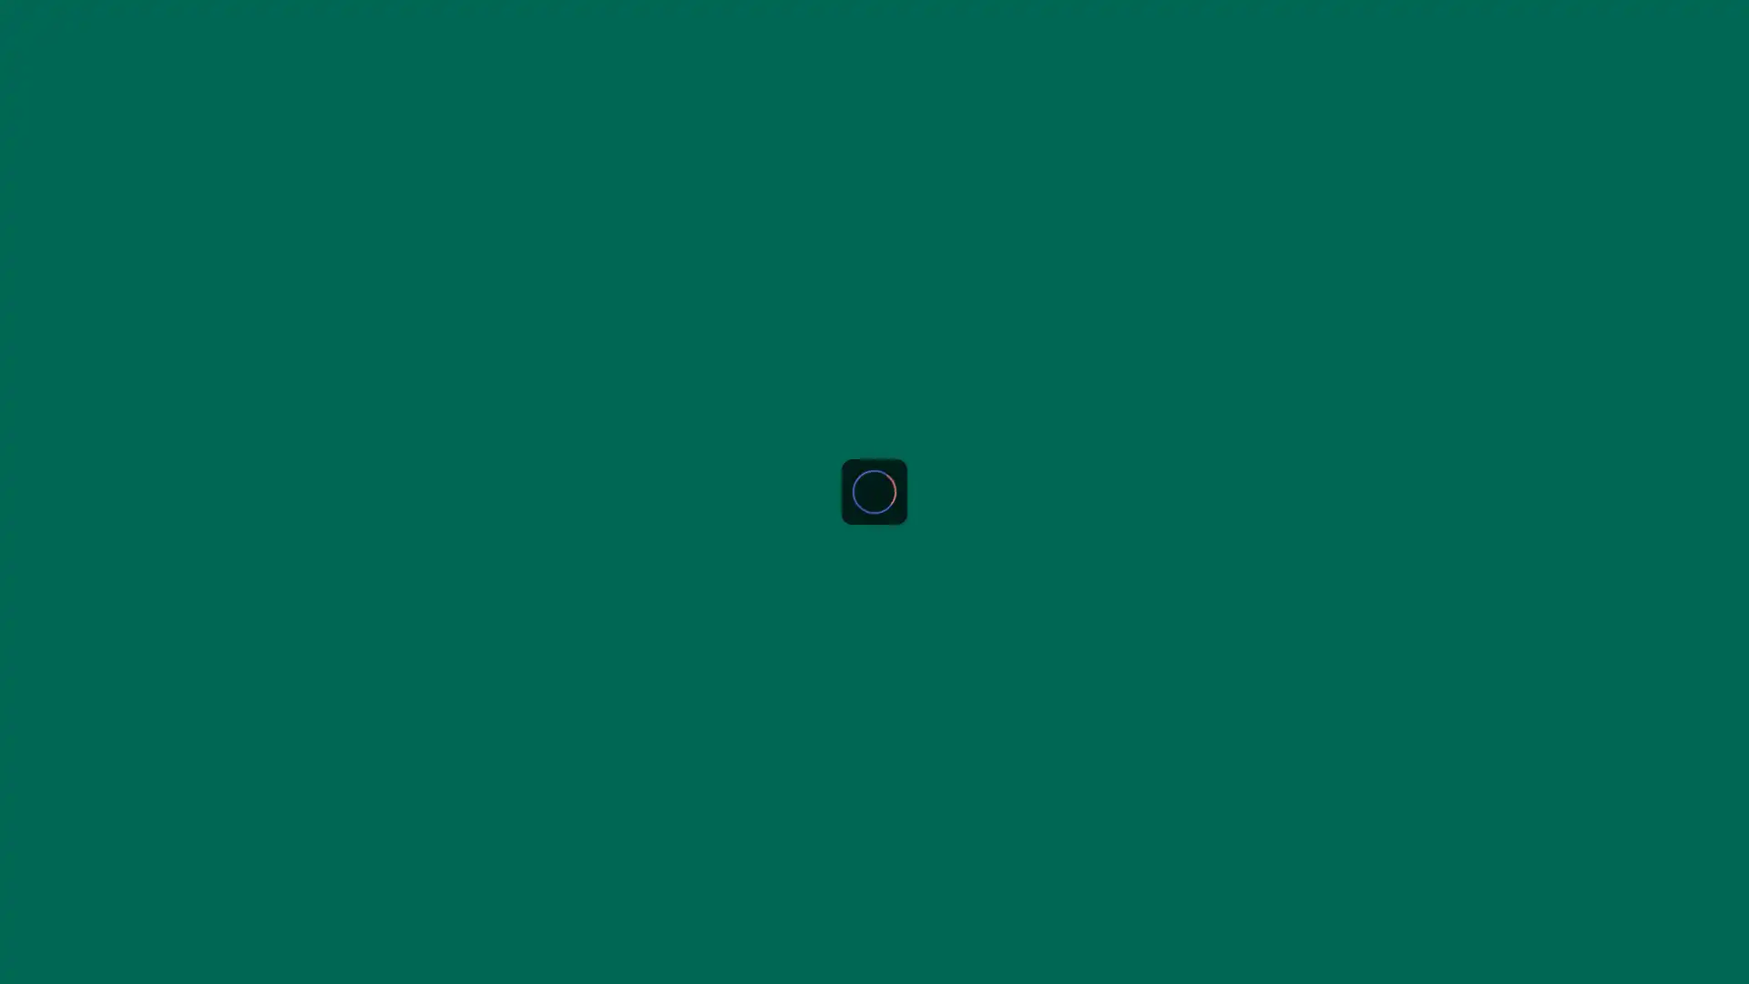  Describe the element at coordinates (1701, 25) in the screenshot. I see `Sign up` at that location.